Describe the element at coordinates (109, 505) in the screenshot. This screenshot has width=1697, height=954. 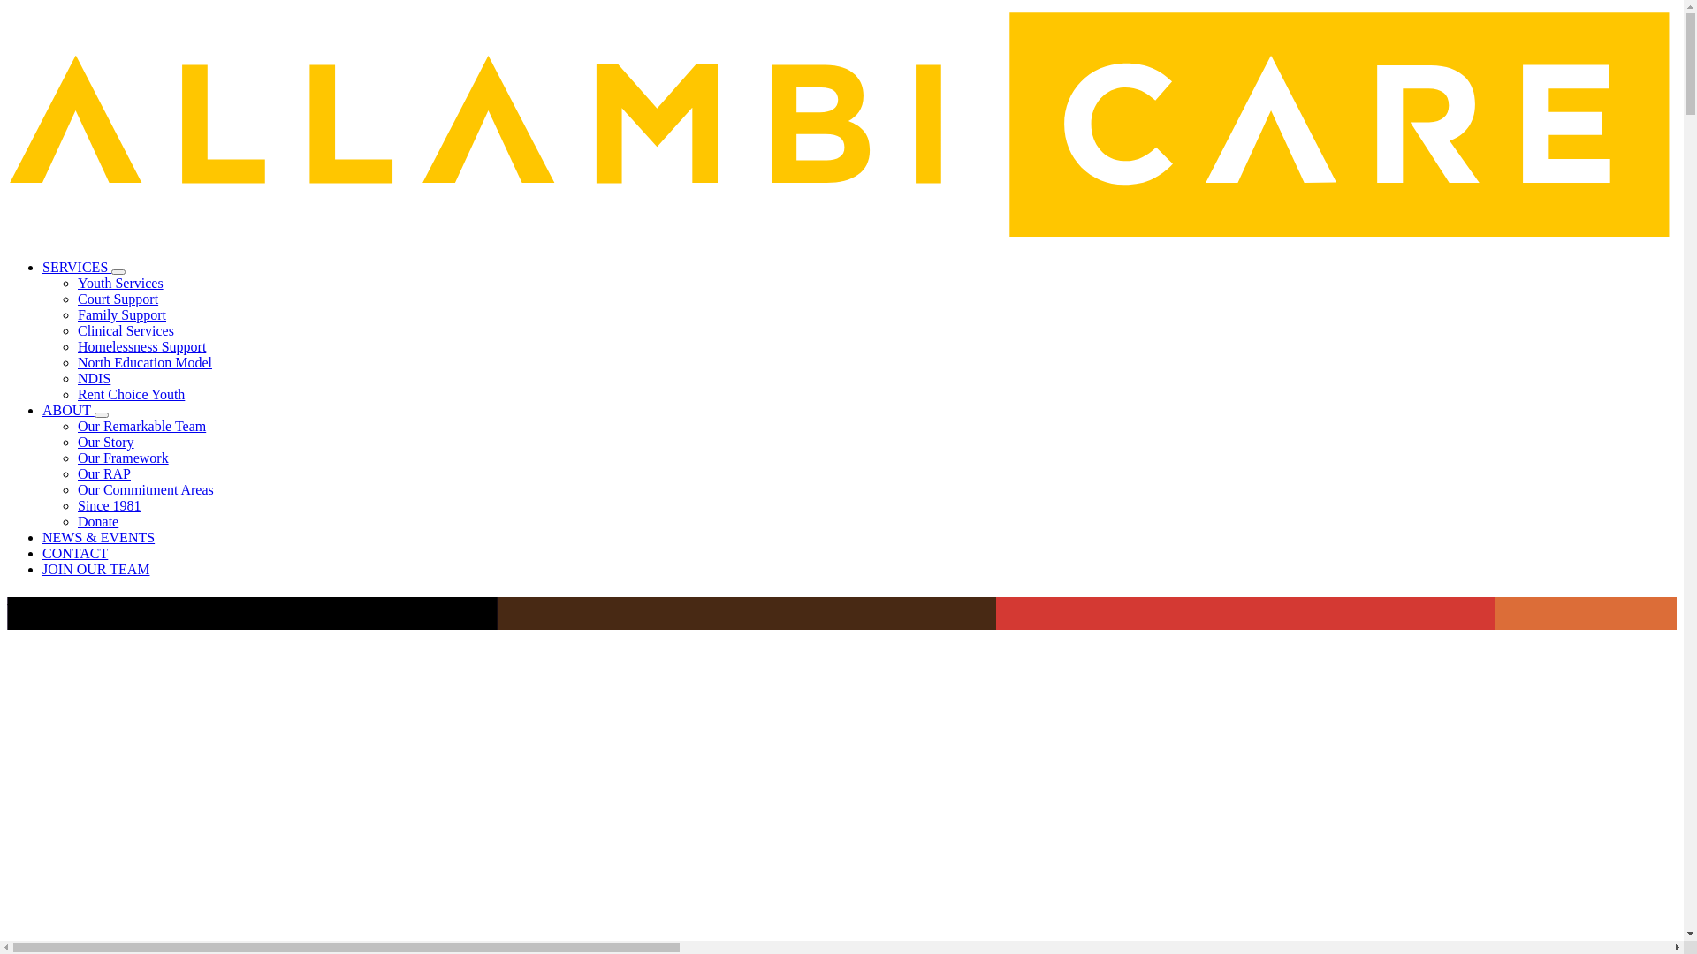
I see `'Since 1981'` at that location.